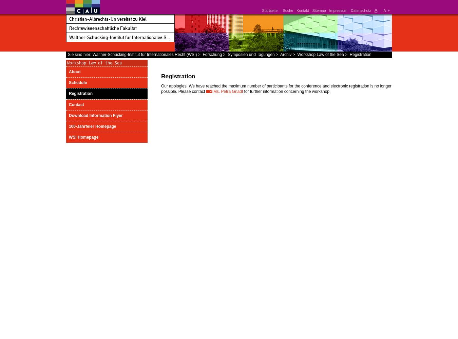 This screenshot has height=339, width=458. Describe the element at coordinates (83, 137) in the screenshot. I see `'WSI Homepage'` at that location.